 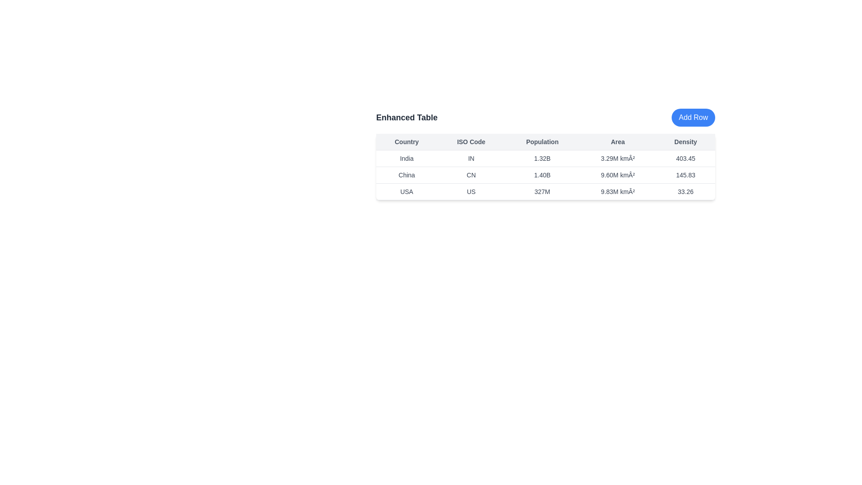 I want to click on density value text located in the first row of the 'Density' column adjacent to country data in the table, so click(x=685, y=158).